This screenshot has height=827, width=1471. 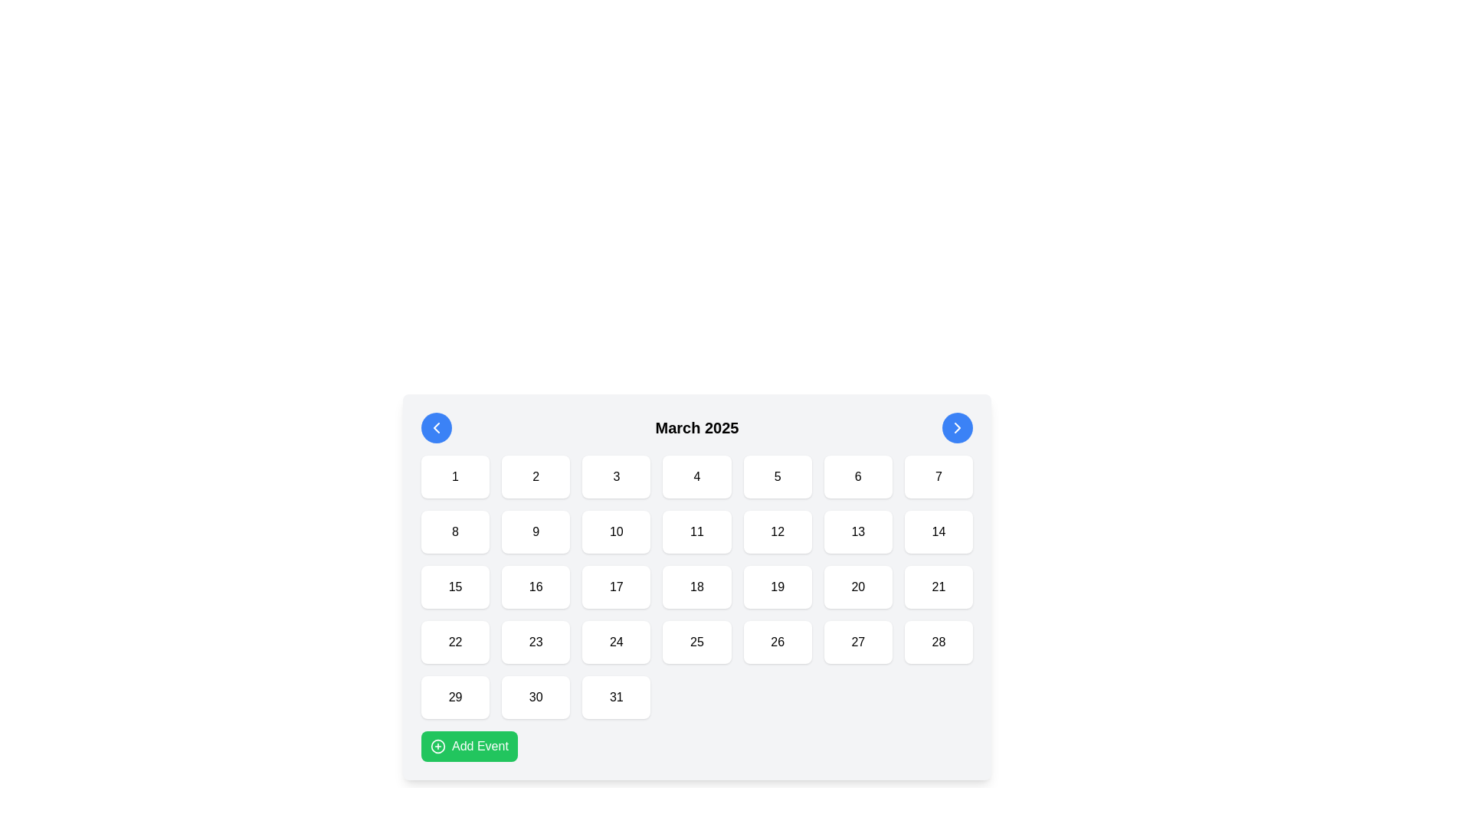 I want to click on the calendar day button representing the 14th of March 2025, so click(x=938, y=531).